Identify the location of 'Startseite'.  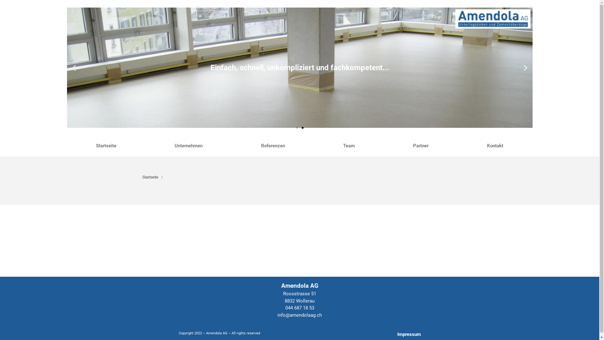
(150, 177).